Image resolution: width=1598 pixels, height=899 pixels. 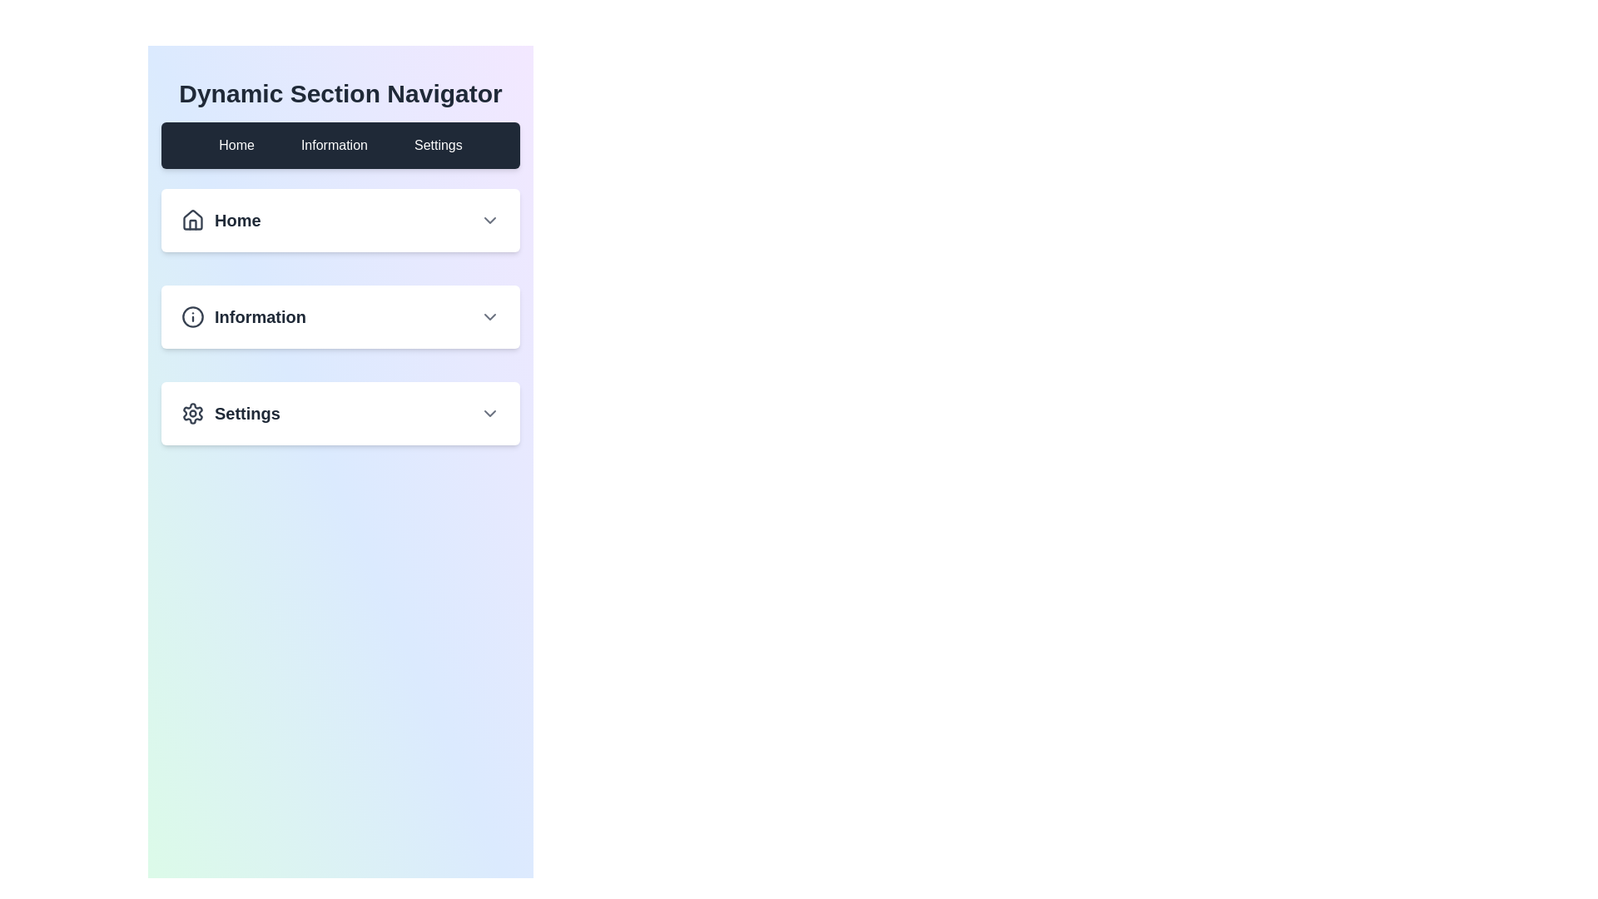 What do you see at coordinates (489, 317) in the screenshot?
I see `the chevron icon/button located on the right side of the 'Information' section header` at bounding box center [489, 317].